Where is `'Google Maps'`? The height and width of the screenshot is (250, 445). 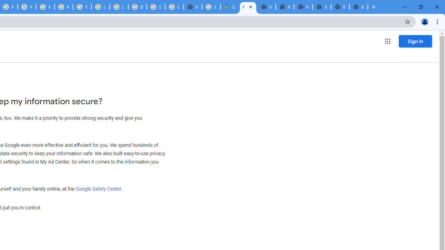
'Google Maps' is located at coordinates (229, 7).